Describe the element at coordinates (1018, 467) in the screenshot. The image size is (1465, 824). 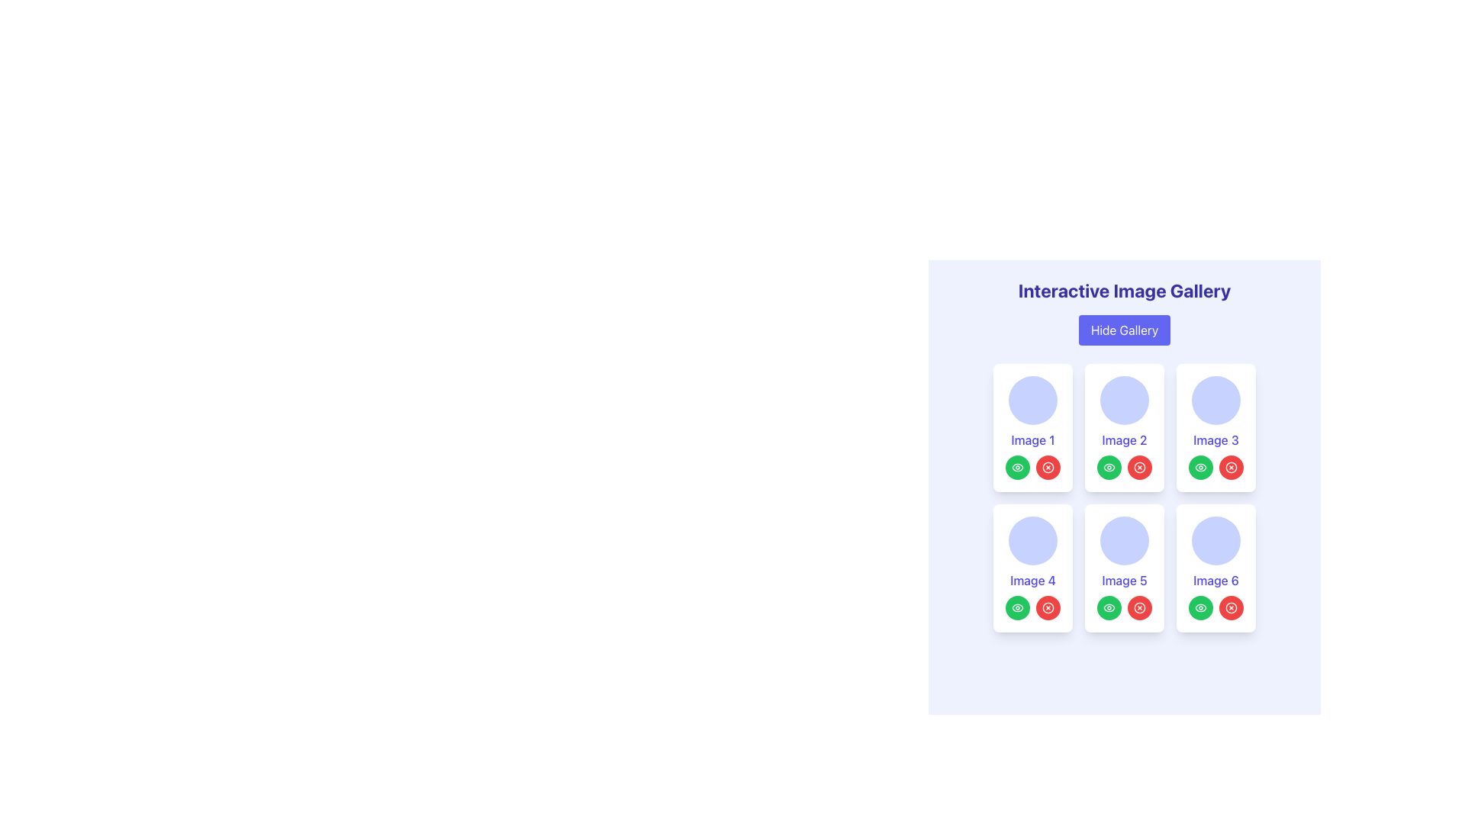
I see `the eye-shaped icon within the rounded button located under the 'Image 5' label in the gallery's grid` at that location.